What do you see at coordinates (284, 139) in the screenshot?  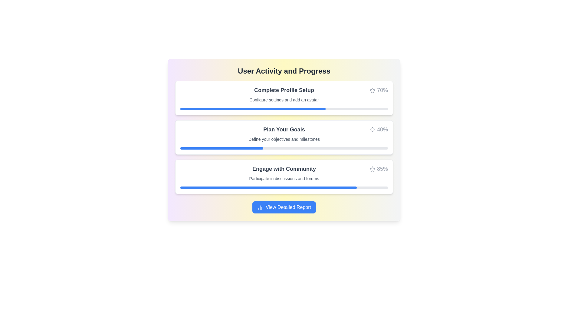 I see `information from the text label that says 'Define your objectives and milestones.' which is located below the heading 'Plan Your Goals'` at bounding box center [284, 139].